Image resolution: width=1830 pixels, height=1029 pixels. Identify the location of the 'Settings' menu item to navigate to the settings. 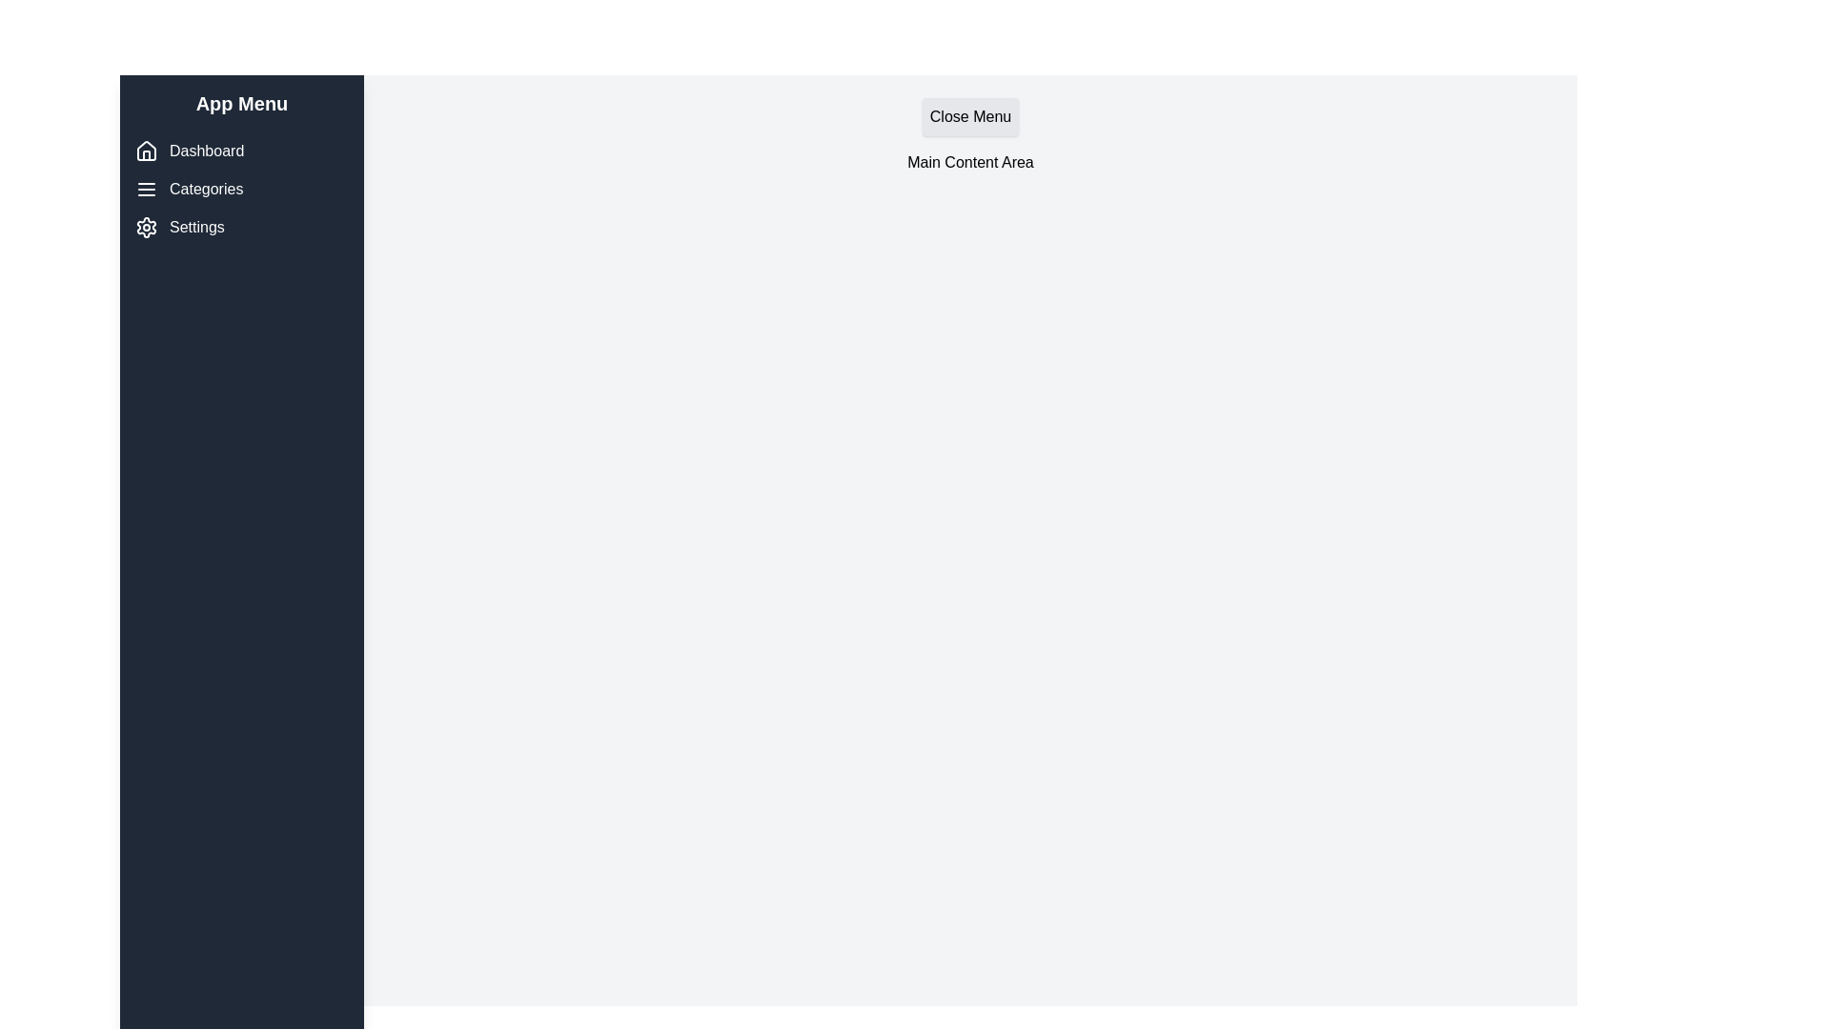
(241, 227).